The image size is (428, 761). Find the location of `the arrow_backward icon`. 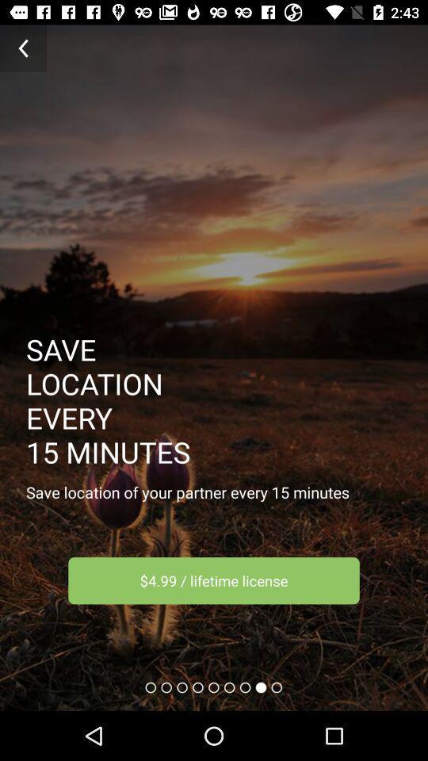

the arrow_backward icon is located at coordinates (22, 48).